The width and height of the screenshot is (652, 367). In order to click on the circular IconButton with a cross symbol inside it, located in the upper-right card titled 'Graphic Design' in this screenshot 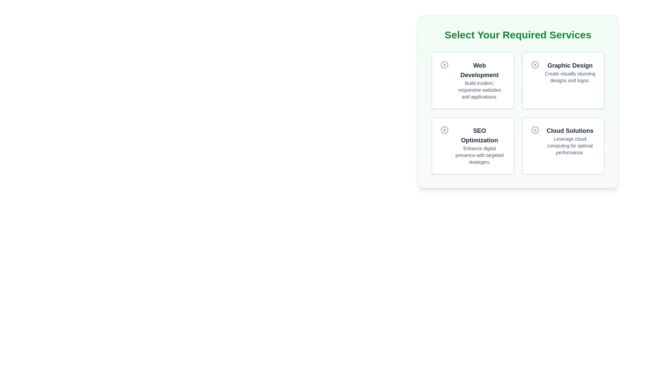, I will do `click(535, 65)`.